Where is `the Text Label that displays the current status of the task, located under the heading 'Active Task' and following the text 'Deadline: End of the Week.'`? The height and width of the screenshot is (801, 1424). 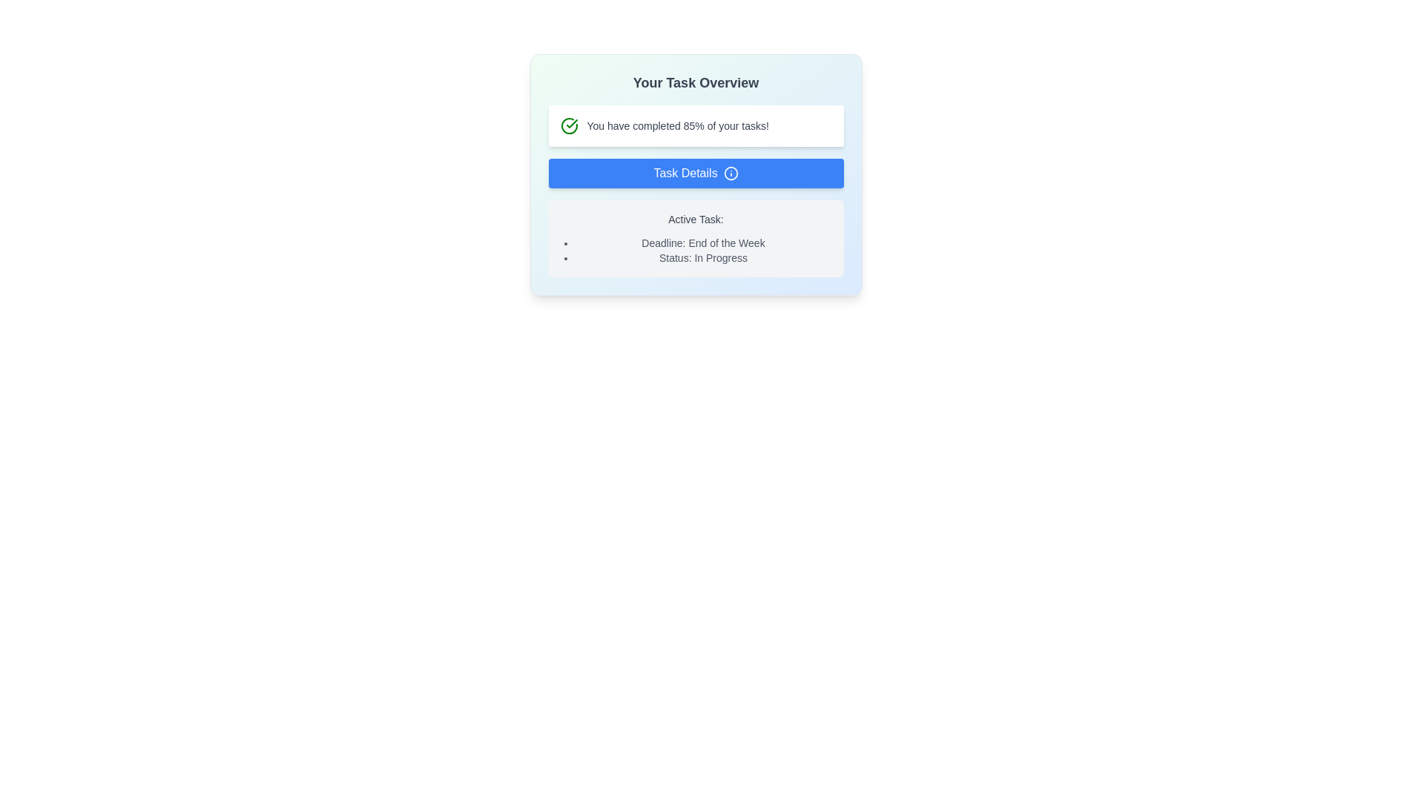 the Text Label that displays the current status of the task, located under the heading 'Active Task' and following the text 'Deadline: End of the Week.' is located at coordinates (702, 257).